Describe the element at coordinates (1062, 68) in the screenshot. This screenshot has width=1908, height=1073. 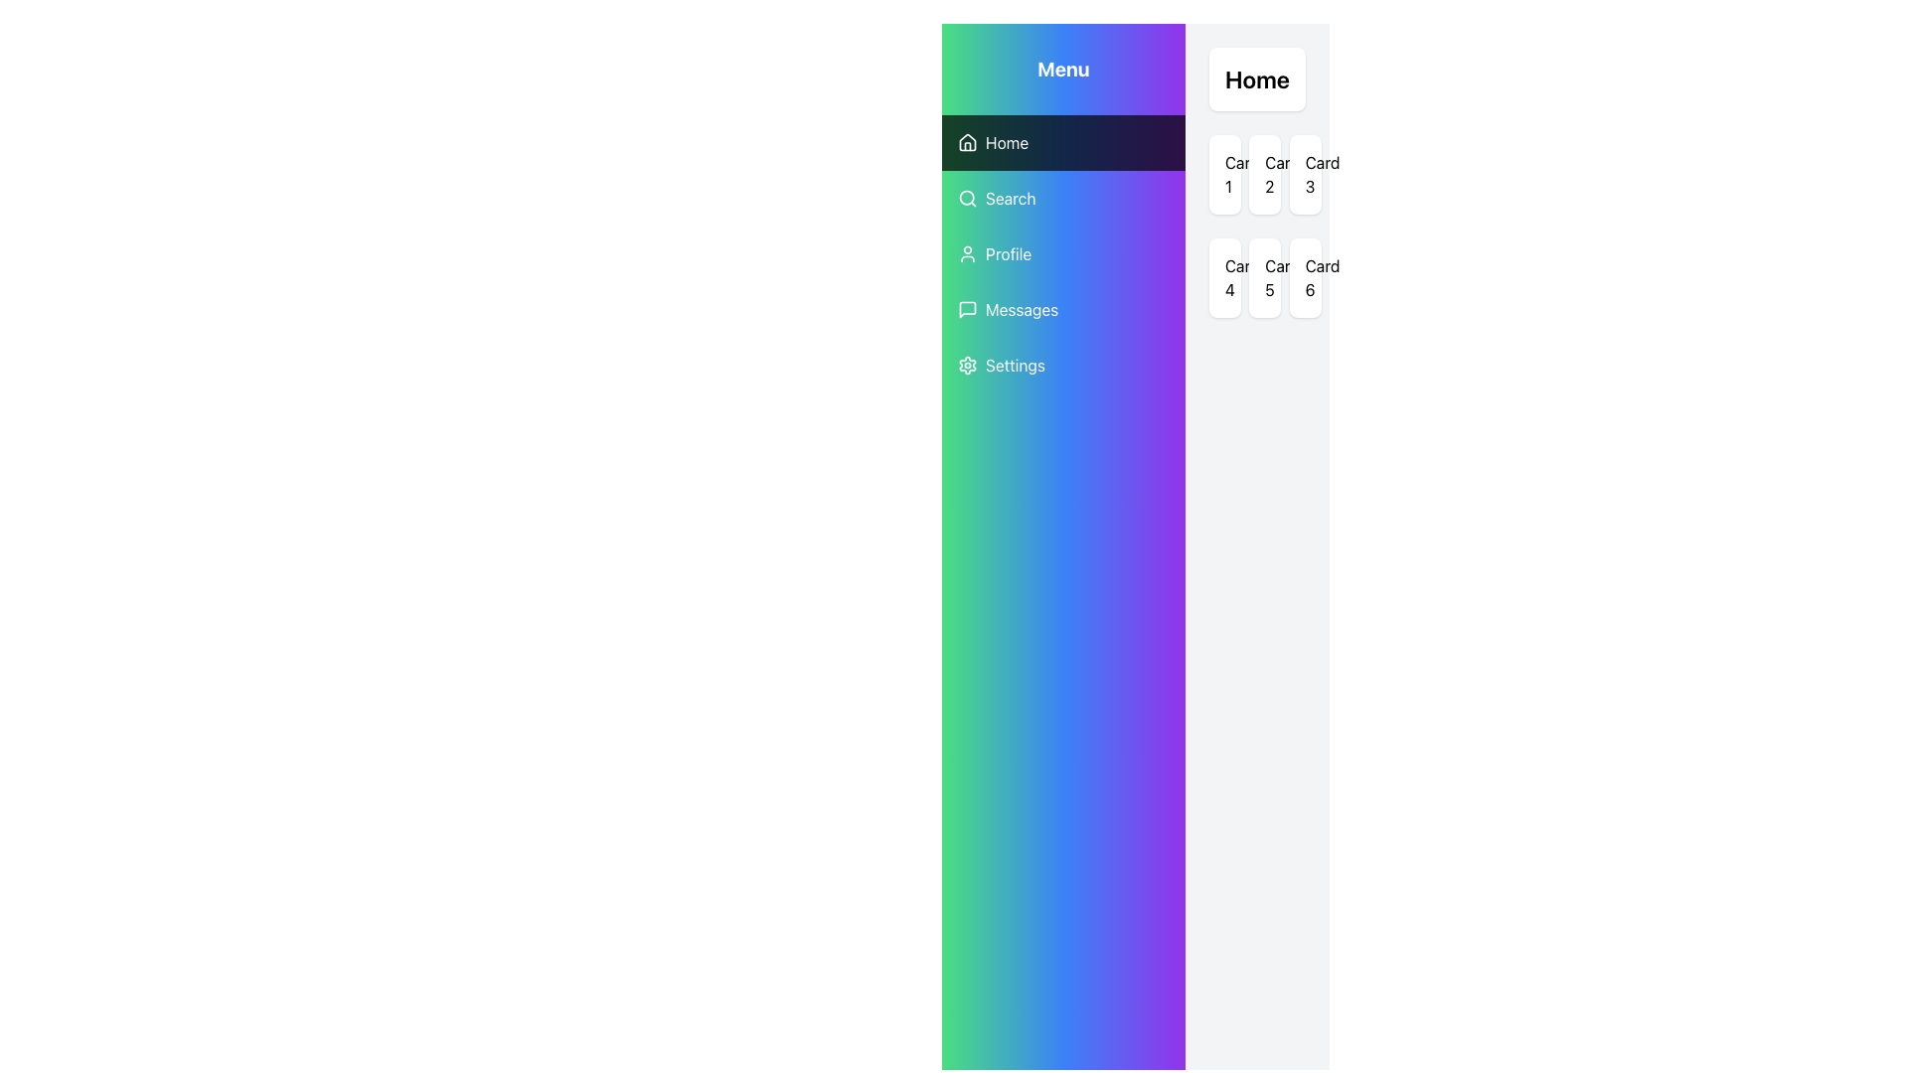
I see `the header of the sidebar menu, which serves as the title and is positioned at the top of the sidebar section` at that location.